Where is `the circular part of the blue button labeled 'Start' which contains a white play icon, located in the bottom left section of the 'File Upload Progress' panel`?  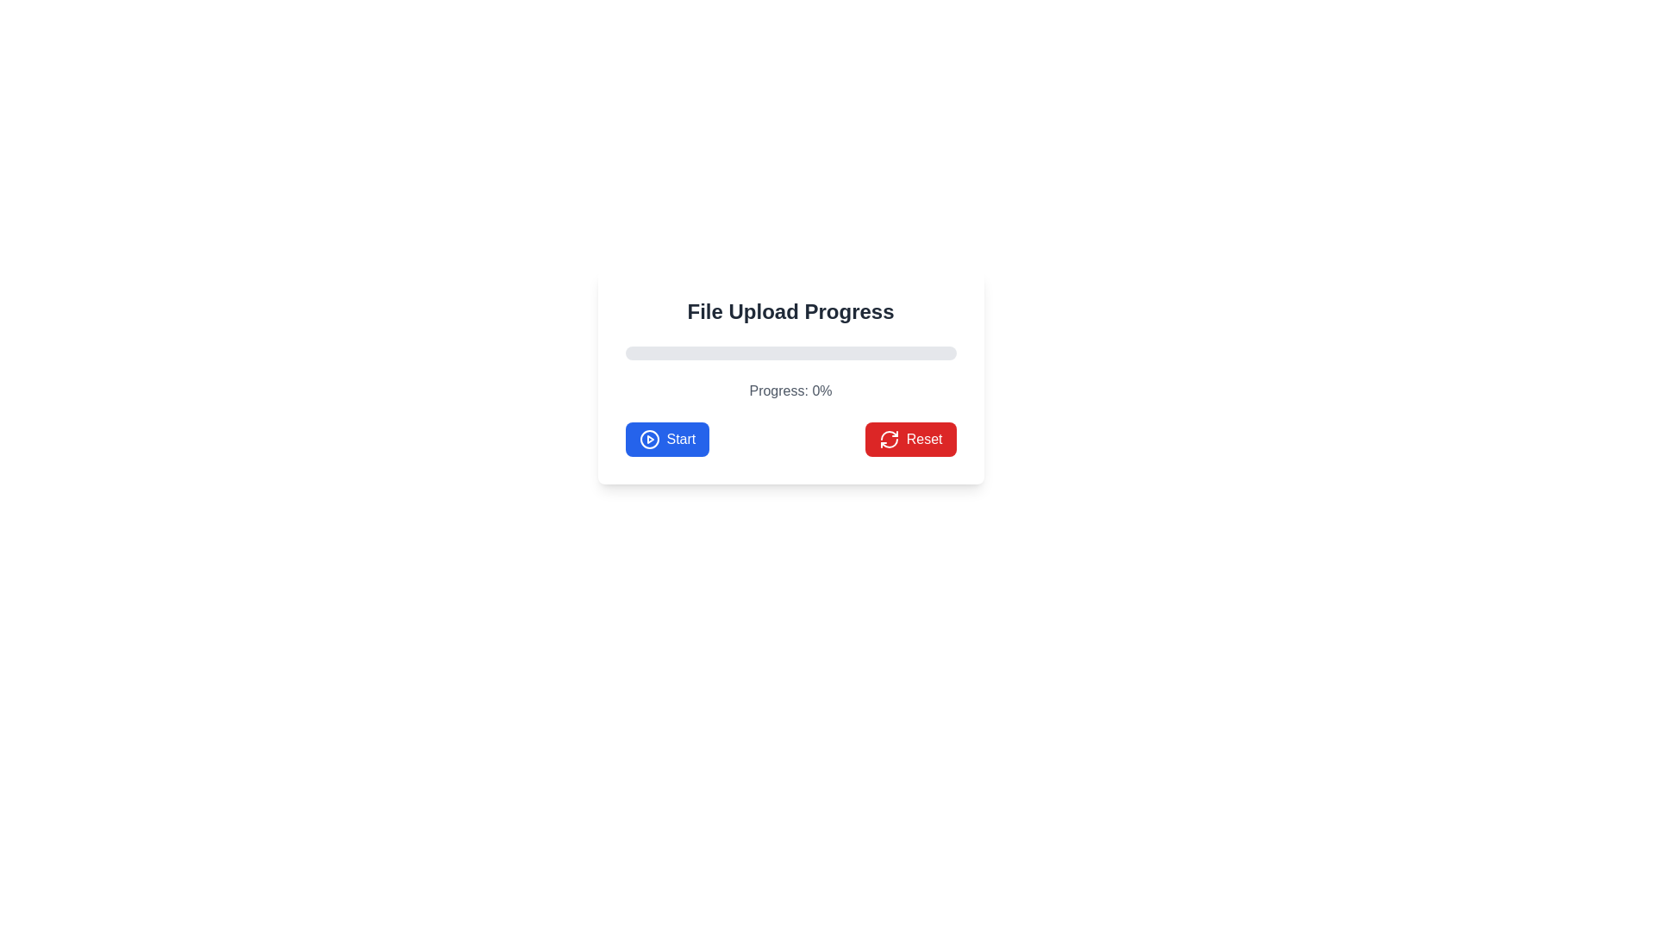 the circular part of the blue button labeled 'Start' which contains a white play icon, located in the bottom left section of the 'File Upload Progress' panel is located at coordinates (648, 438).